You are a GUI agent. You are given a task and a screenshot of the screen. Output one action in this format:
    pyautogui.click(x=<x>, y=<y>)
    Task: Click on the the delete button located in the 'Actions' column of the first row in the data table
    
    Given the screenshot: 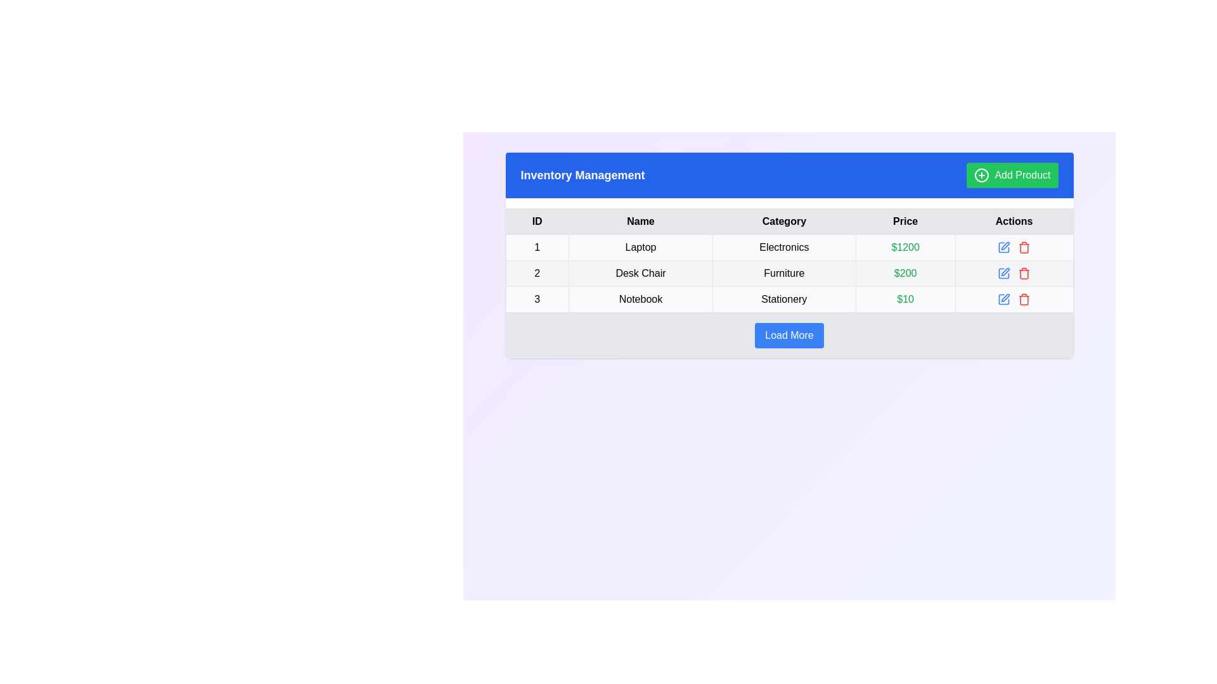 What is the action you would take?
    pyautogui.click(x=1024, y=247)
    